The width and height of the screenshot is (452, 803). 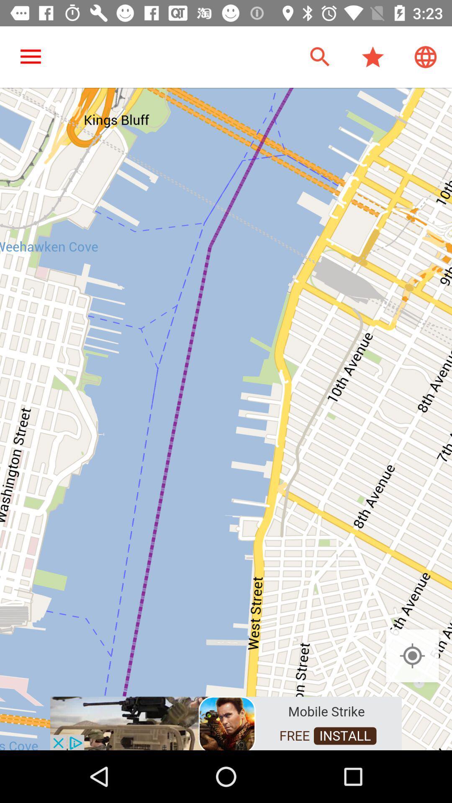 I want to click on icon at the bottom right corner, so click(x=412, y=655).